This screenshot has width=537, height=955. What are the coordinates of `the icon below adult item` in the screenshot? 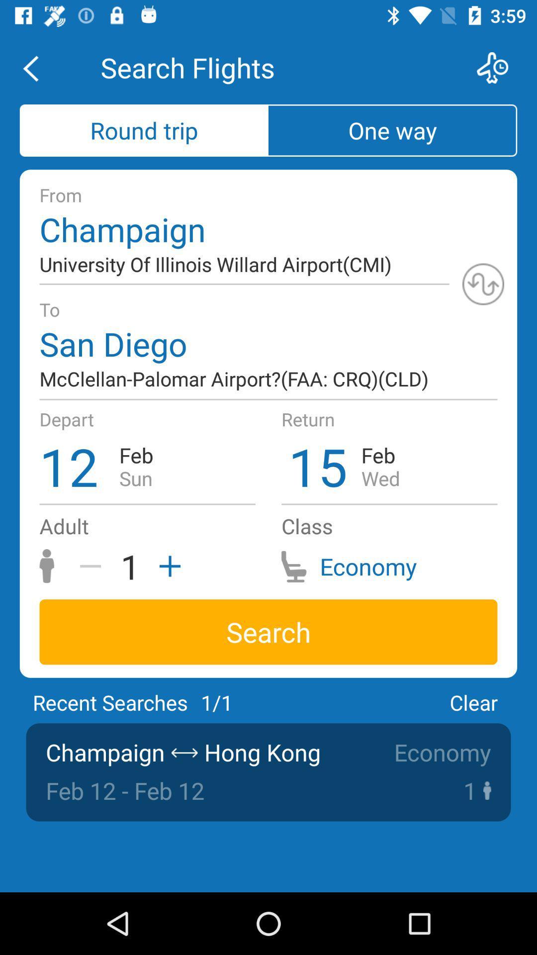 It's located at (94, 566).